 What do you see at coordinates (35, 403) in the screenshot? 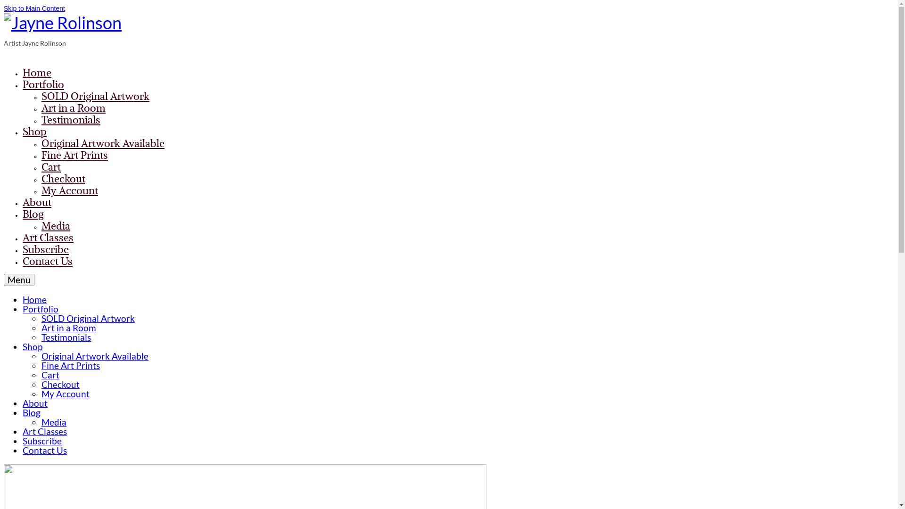
I see `'About'` at bounding box center [35, 403].